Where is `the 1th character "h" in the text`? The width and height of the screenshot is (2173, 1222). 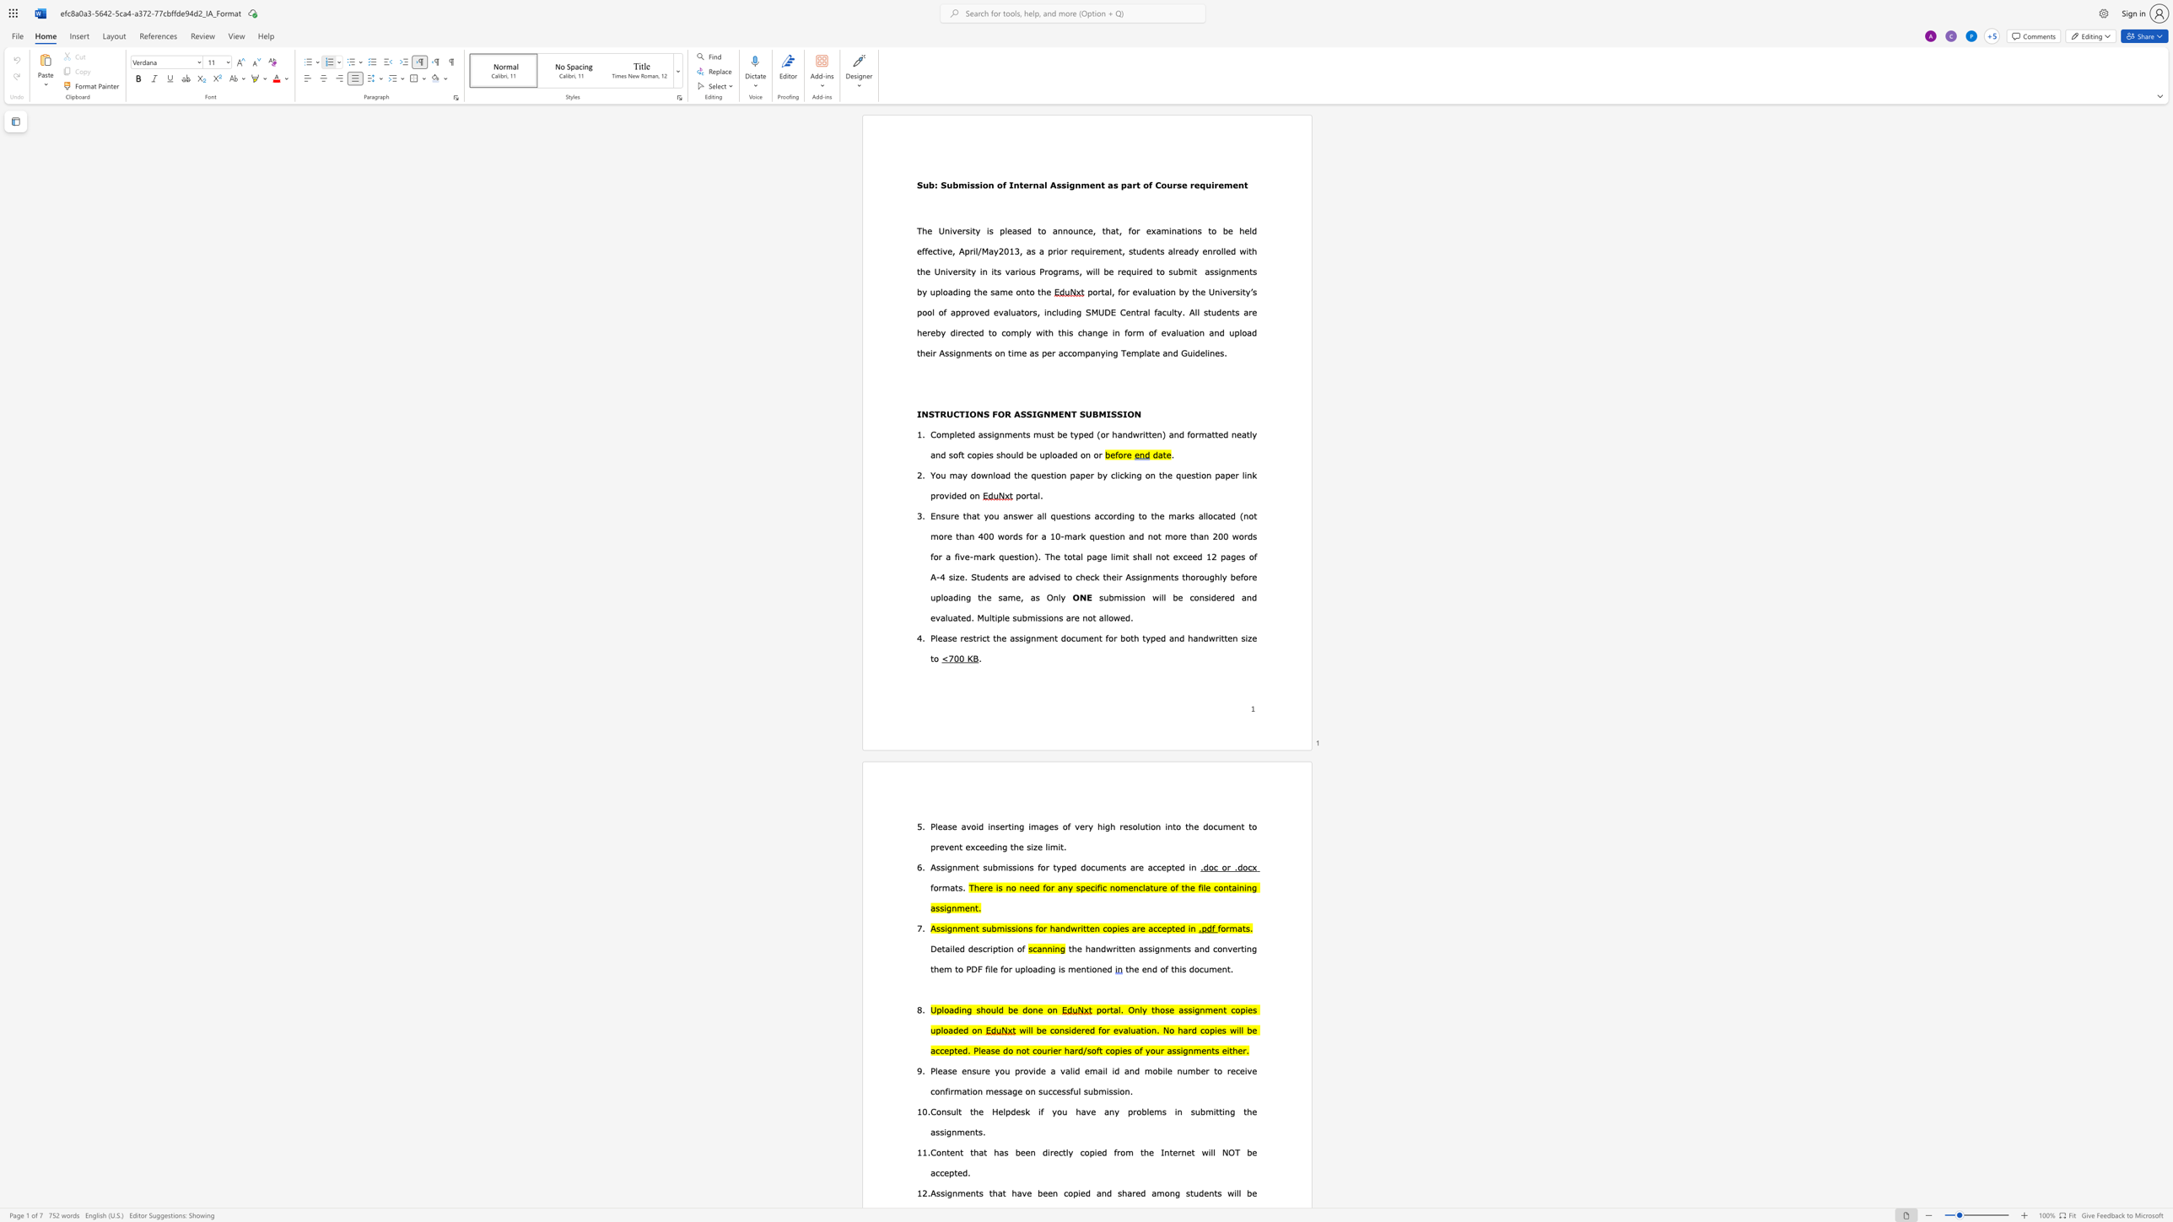 the 1th character "h" in the text is located at coordinates (1135, 638).